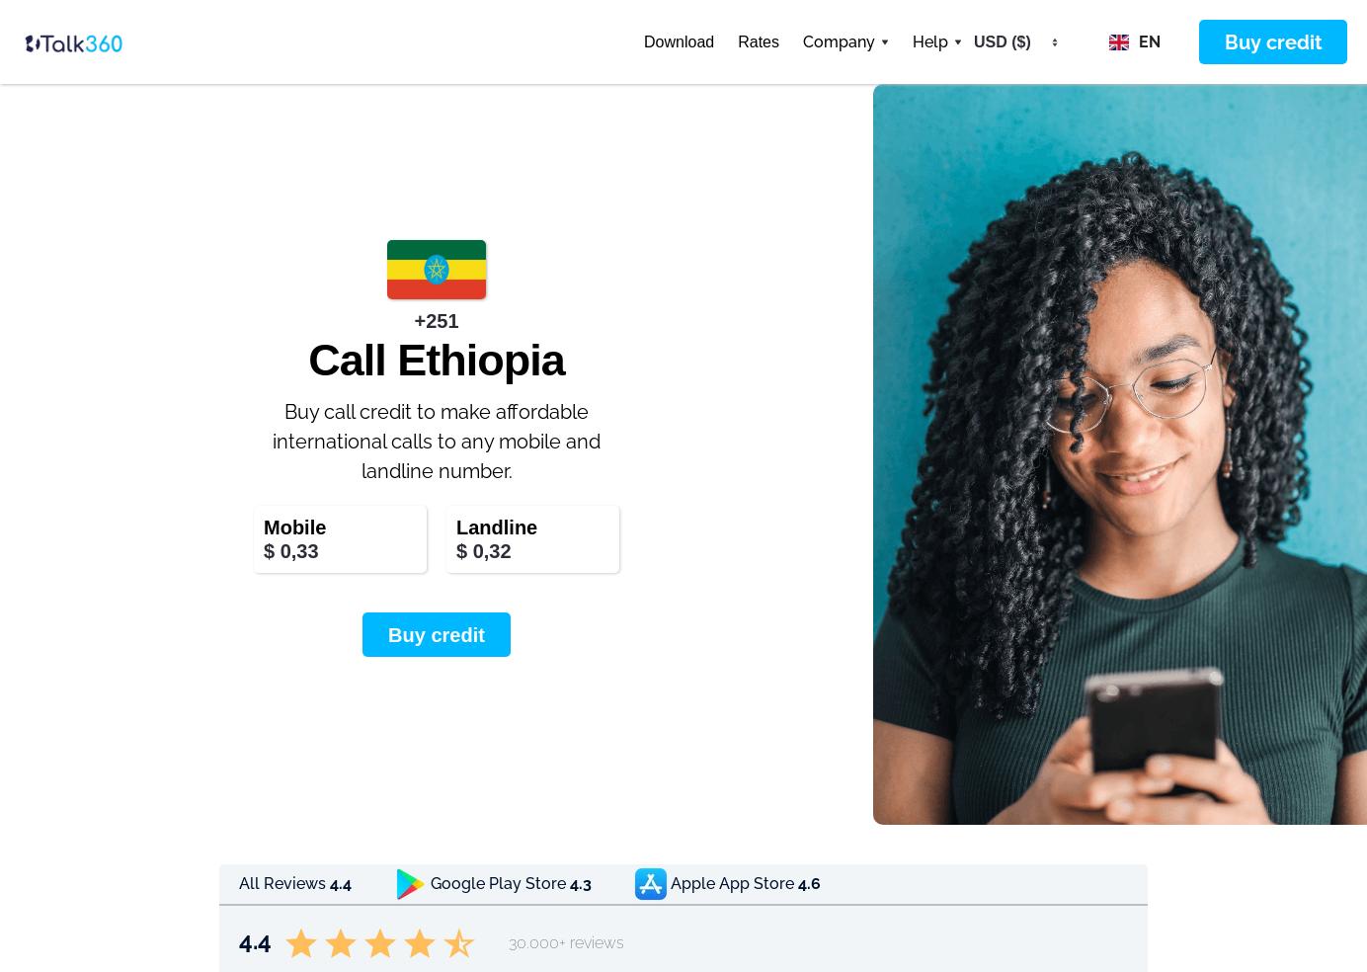 This screenshot has width=1367, height=972. I want to click on 'Google Play Store', so click(430, 883).